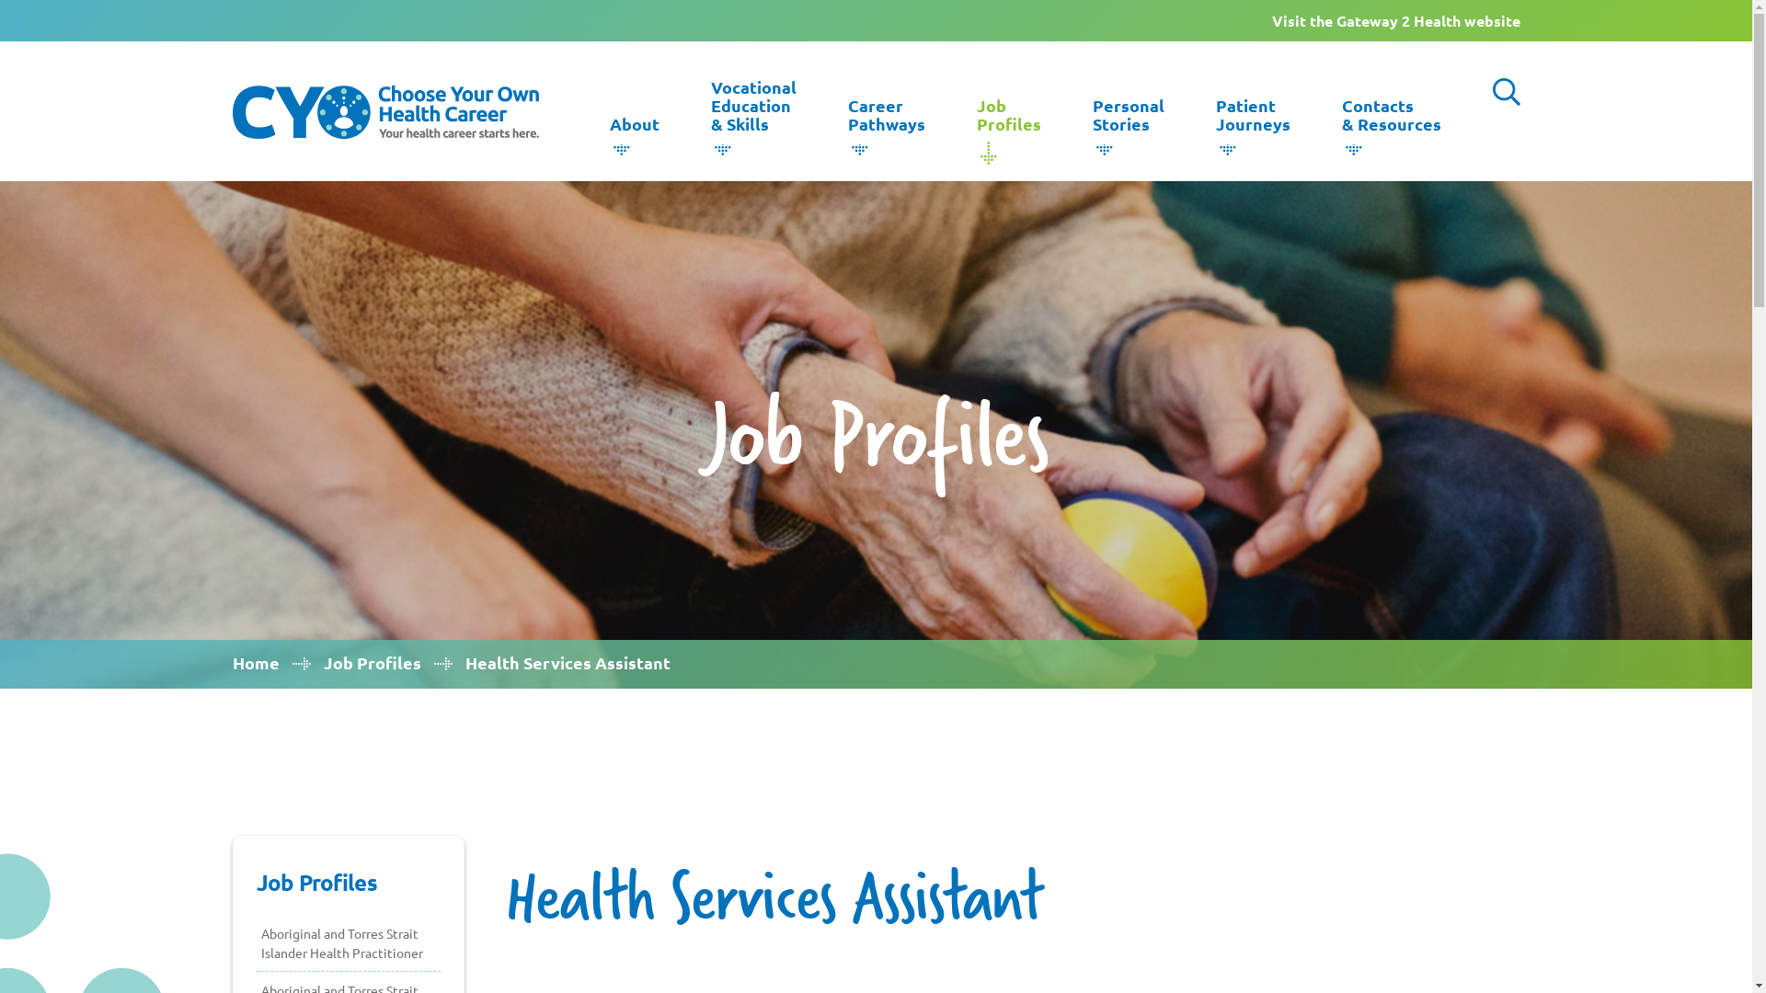 The width and height of the screenshot is (1766, 993). I want to click on 'Contacts, so click(1391, 120).